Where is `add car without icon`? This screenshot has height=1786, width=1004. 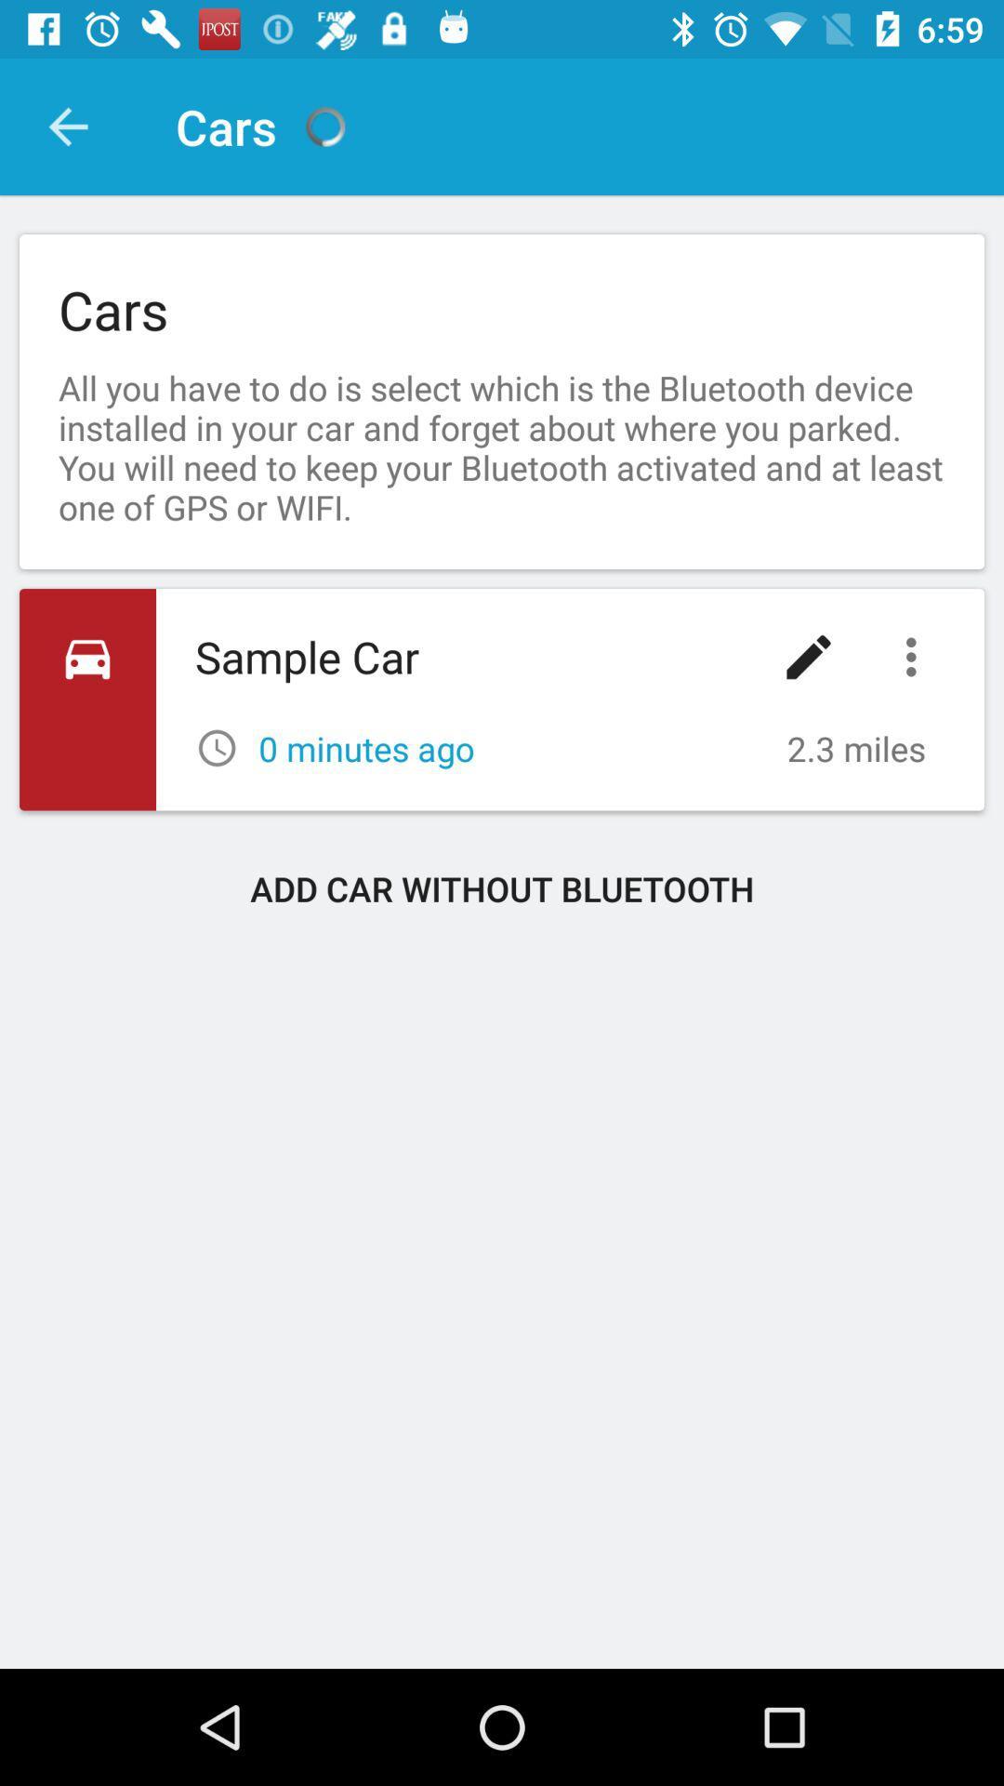
add car without icon is located at coordinates (502, 887).